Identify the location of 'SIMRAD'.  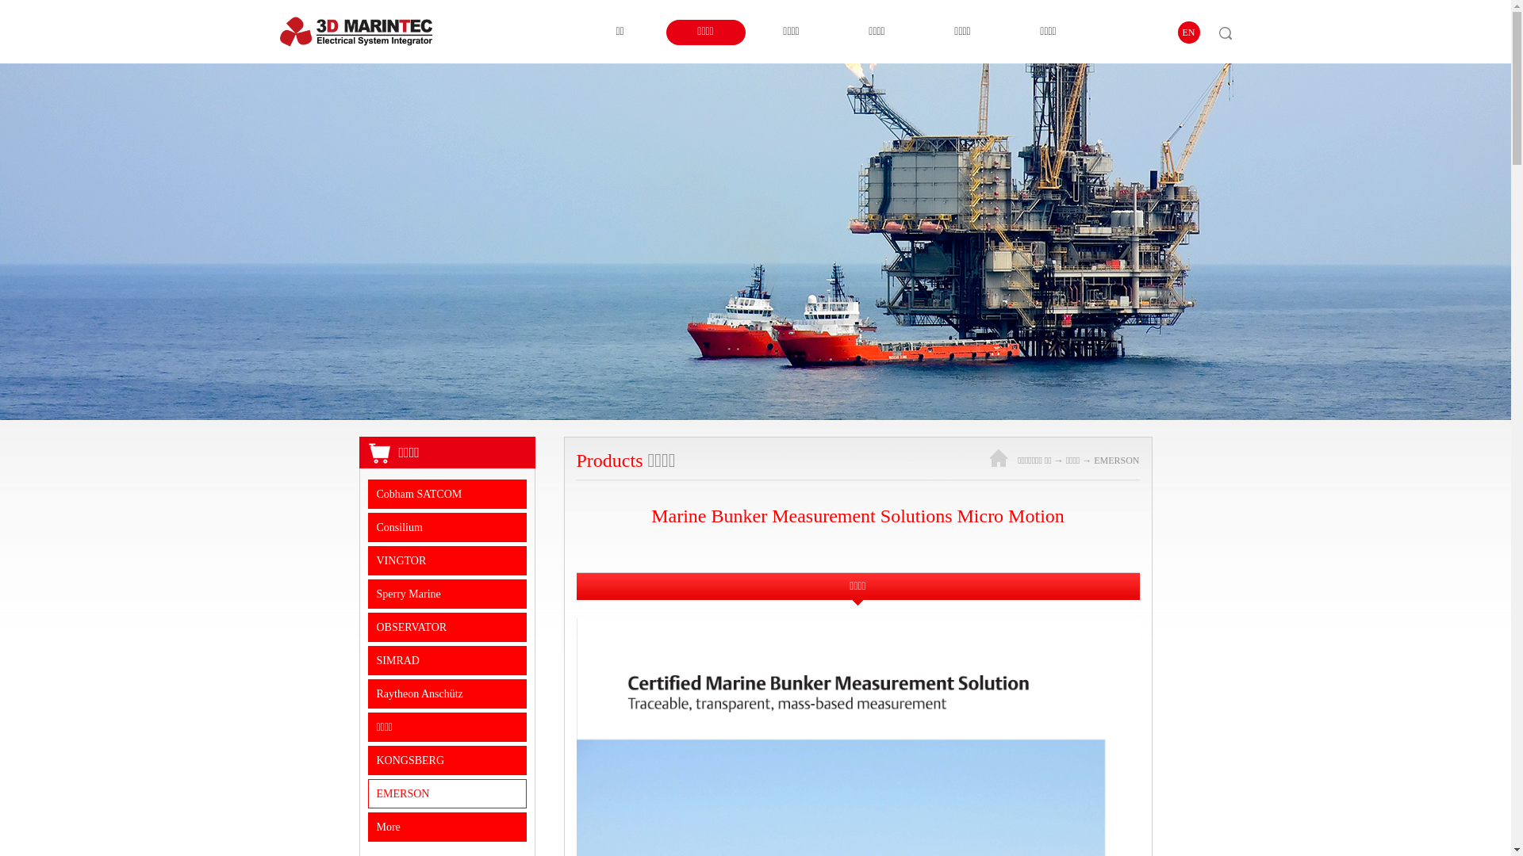
(447, 660).